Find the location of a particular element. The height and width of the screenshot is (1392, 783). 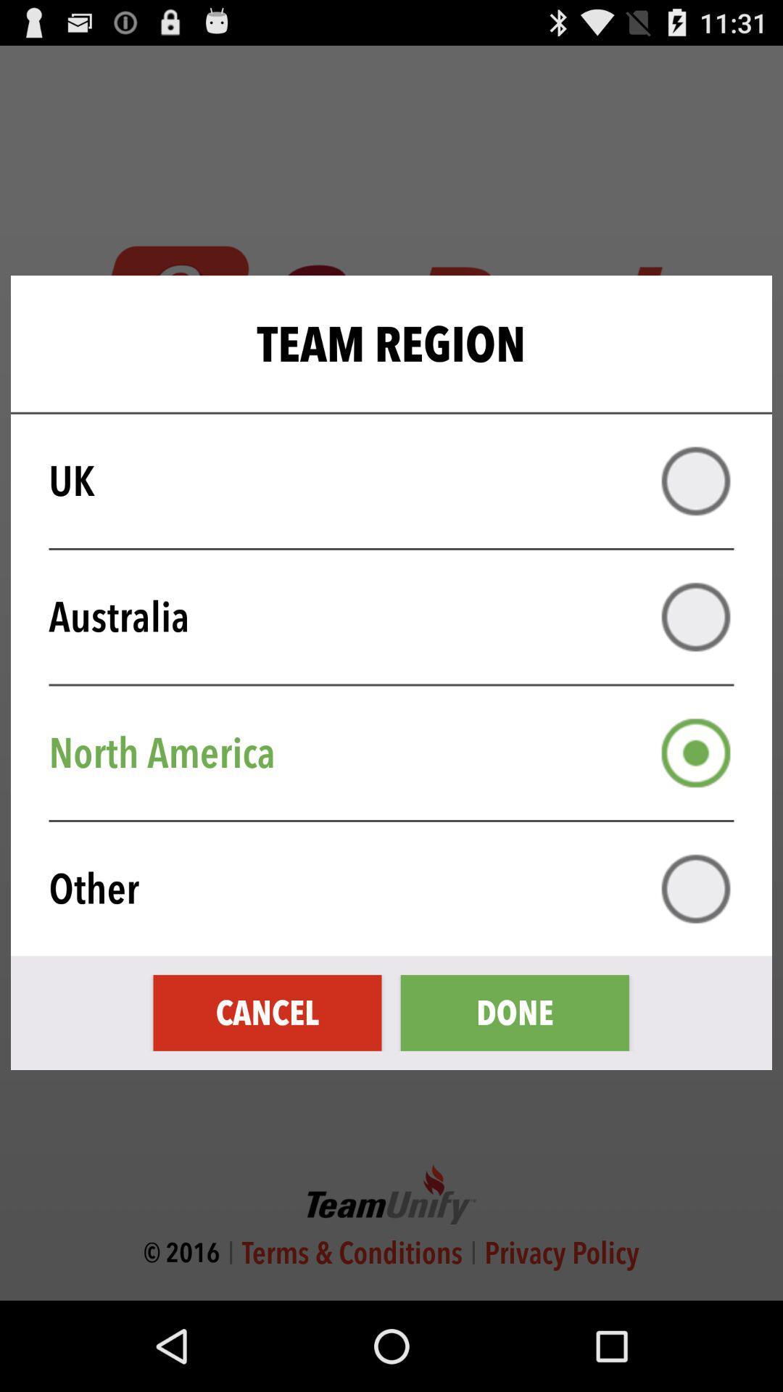

other is located at coordinates (695, 888).